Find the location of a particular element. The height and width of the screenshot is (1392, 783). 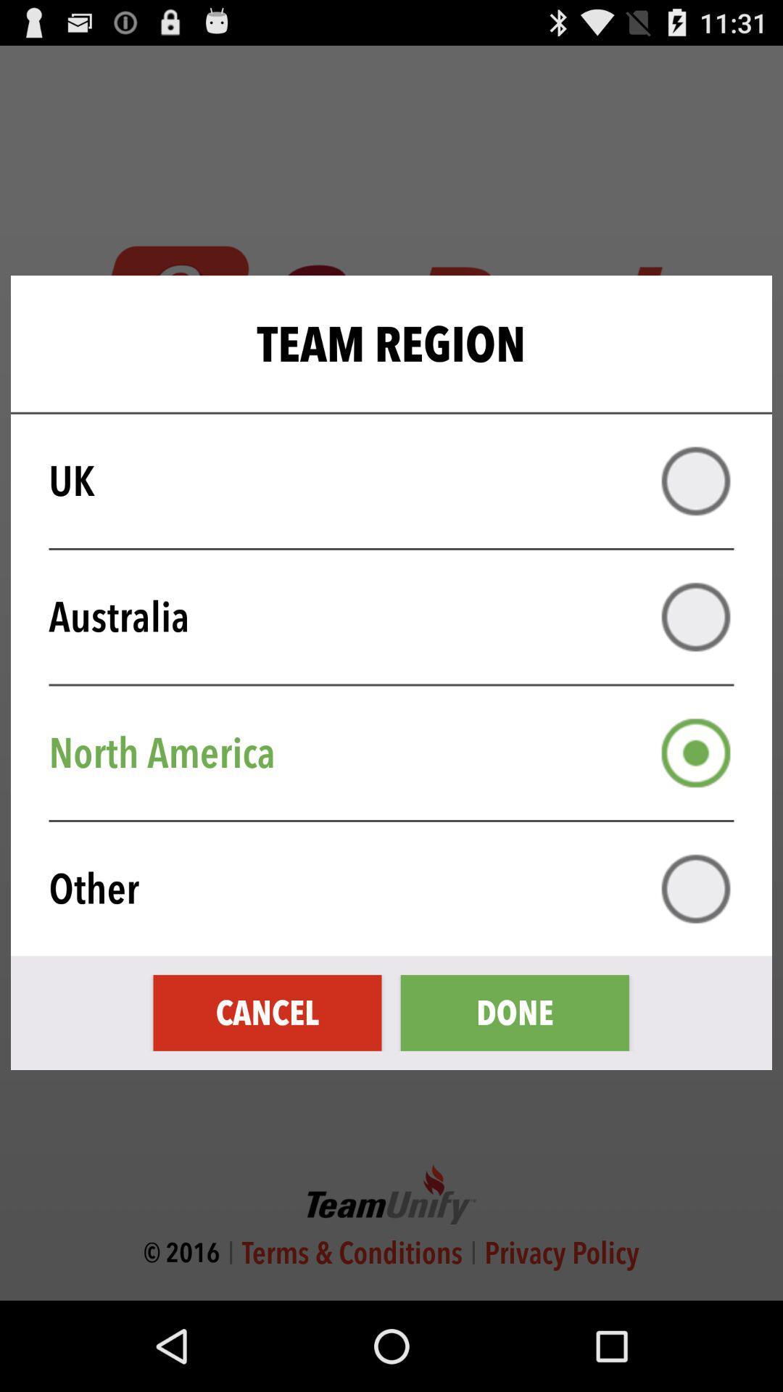

other is located at coordinates (695, 888).